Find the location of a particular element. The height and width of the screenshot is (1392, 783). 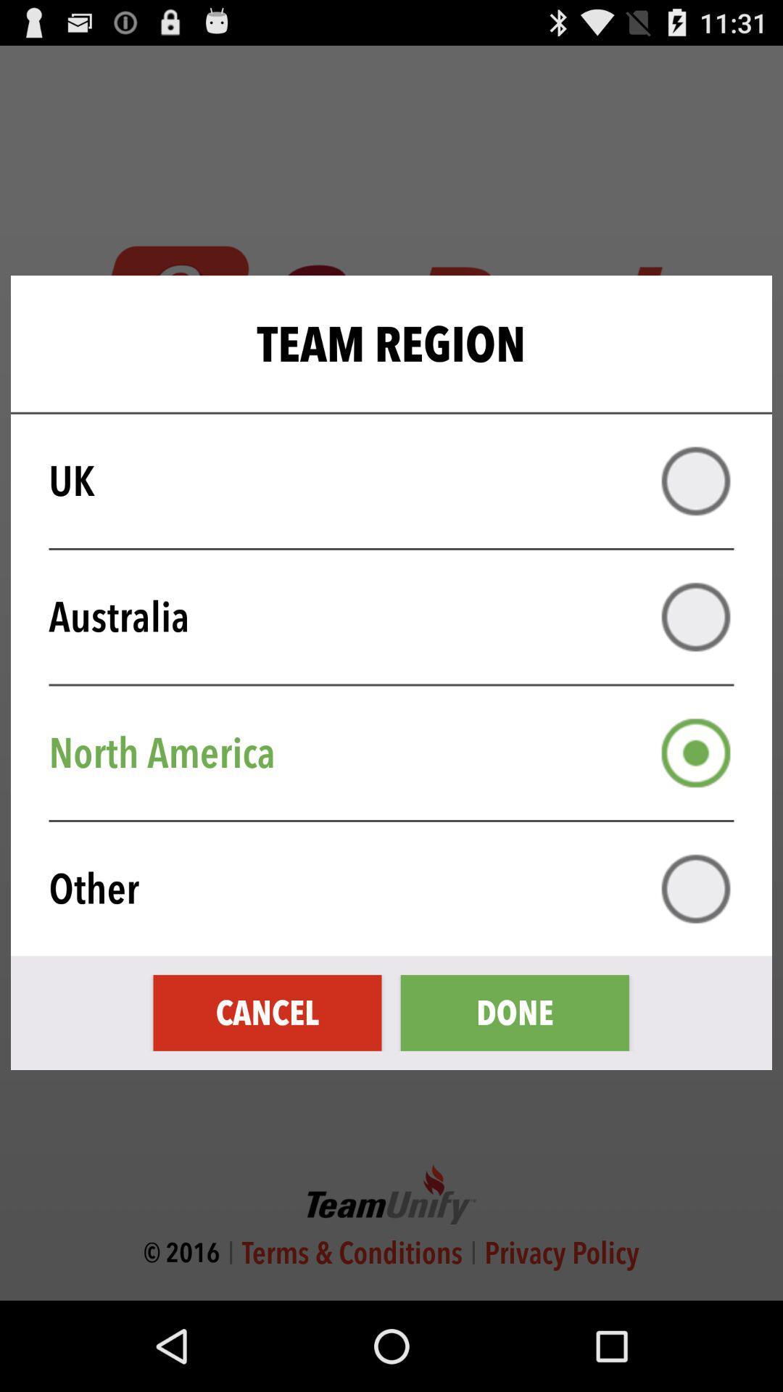

other is located at coordinates (695, 888).